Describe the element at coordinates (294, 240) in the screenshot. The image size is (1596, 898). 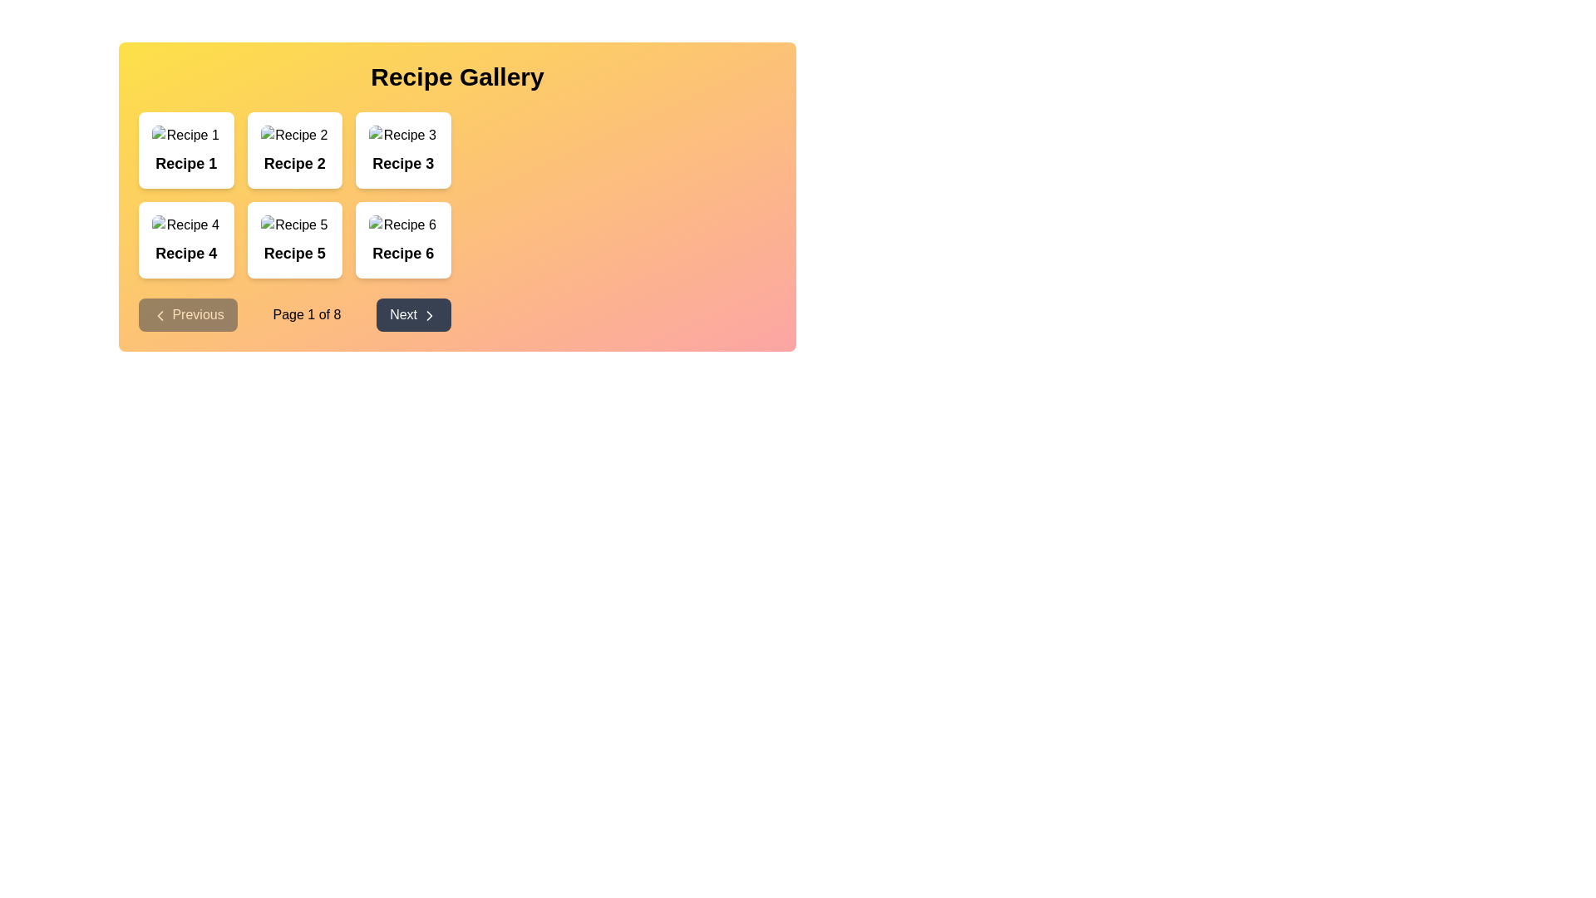
I see `image on the Informational card component titled 'Recipe 5', which has a white background and rounded corners, located in the second column of the second row in the grid layout` at that location.